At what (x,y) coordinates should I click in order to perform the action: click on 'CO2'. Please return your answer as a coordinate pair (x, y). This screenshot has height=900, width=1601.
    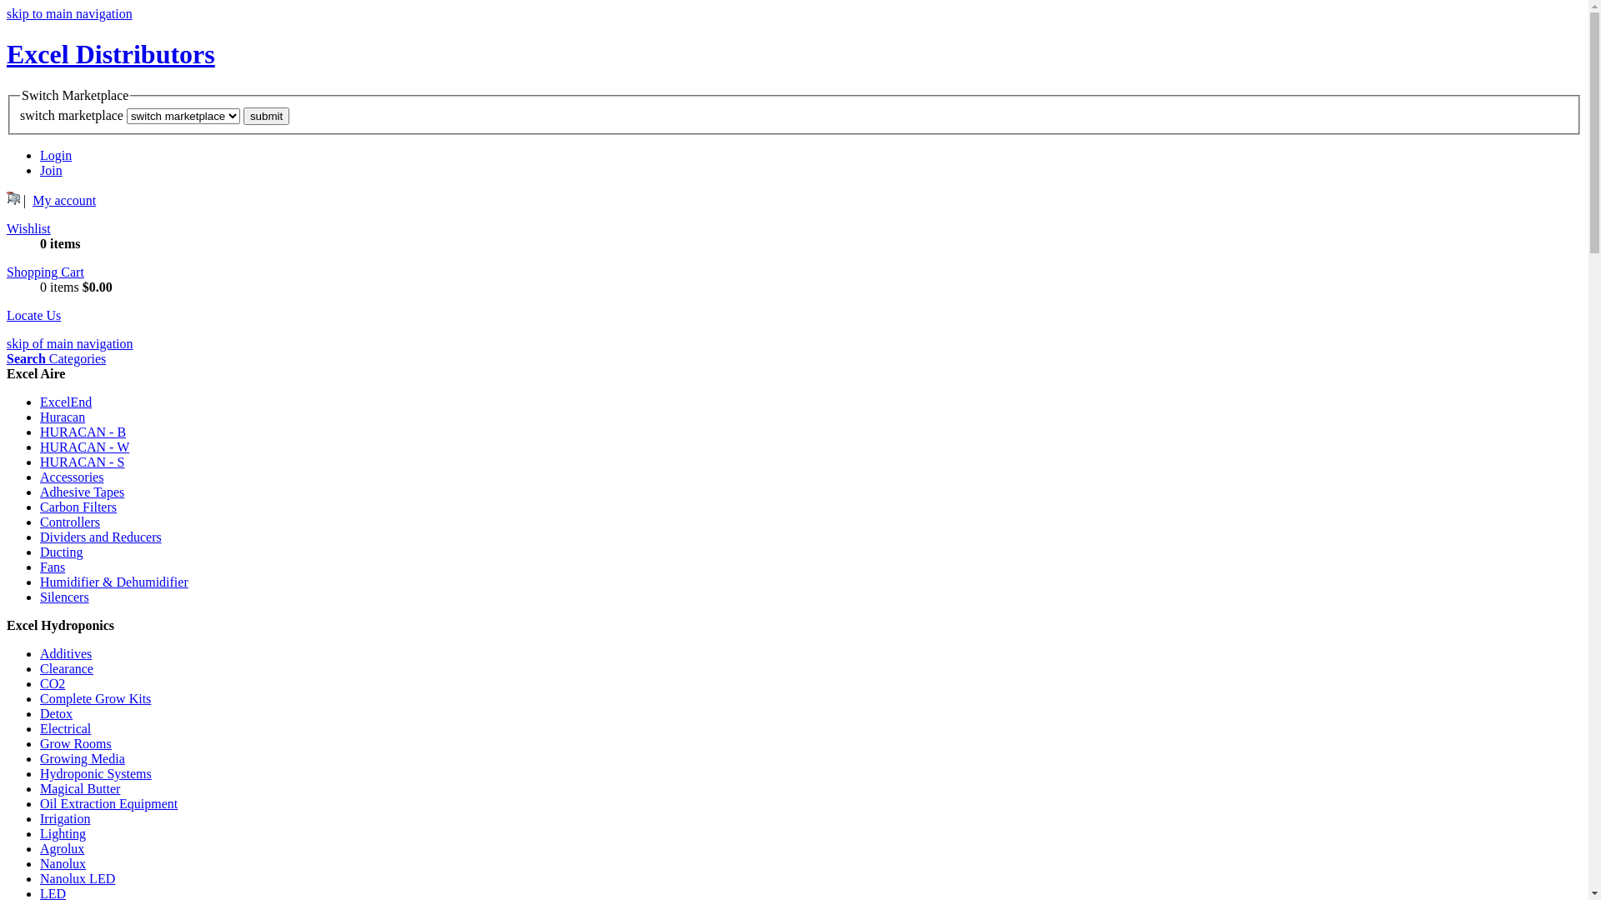
    Looking at the image, I should click on (40, 683).